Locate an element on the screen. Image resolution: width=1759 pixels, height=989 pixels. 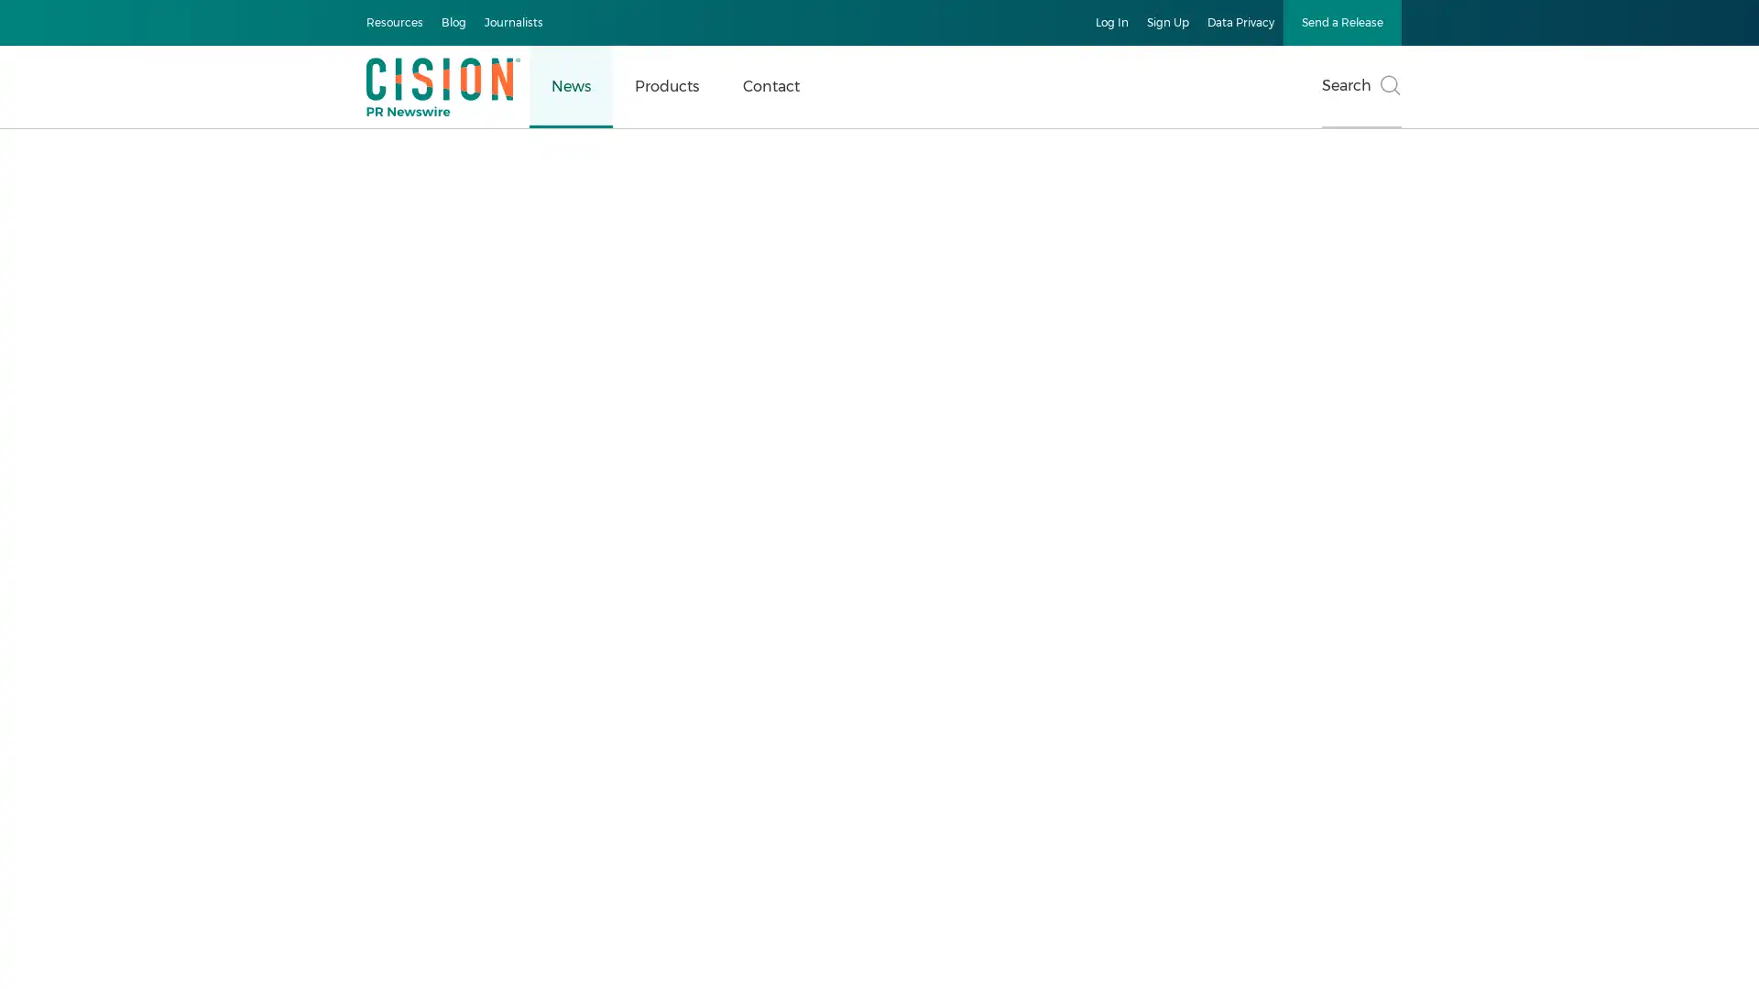
Socialgist is located at coordinates (1137, 812).